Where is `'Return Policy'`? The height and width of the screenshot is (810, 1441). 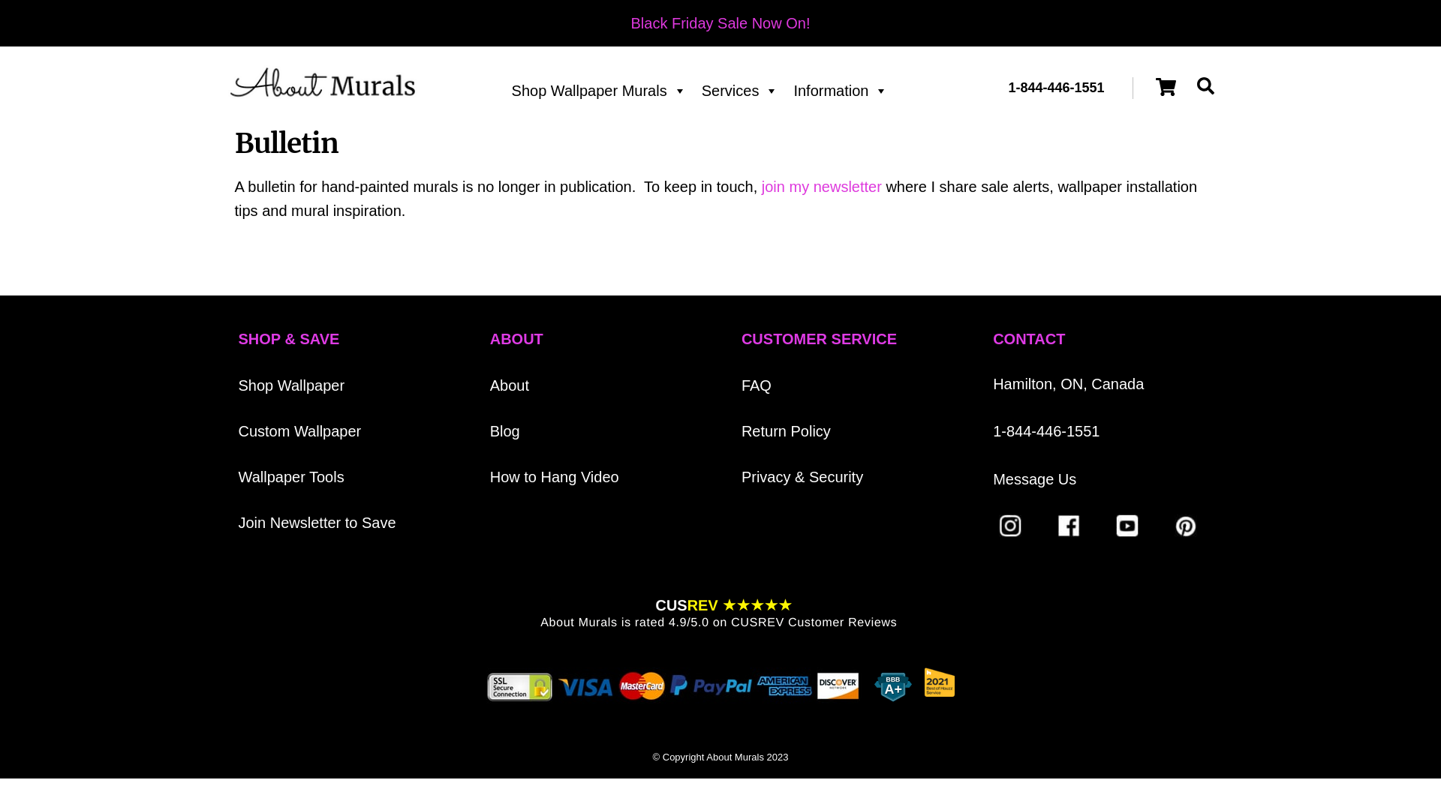 'Return Policy' is located at coordinates (742, 430).